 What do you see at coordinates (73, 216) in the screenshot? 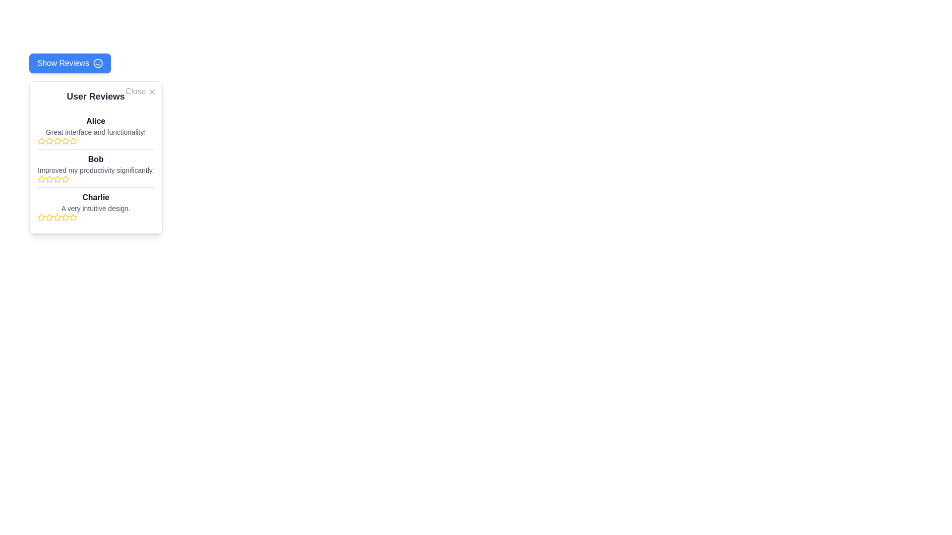
I see `the fifth Rating Star Icon with a gold outline and white fill, located under the review by 'Charlie'` at bounding box center [73, 216].